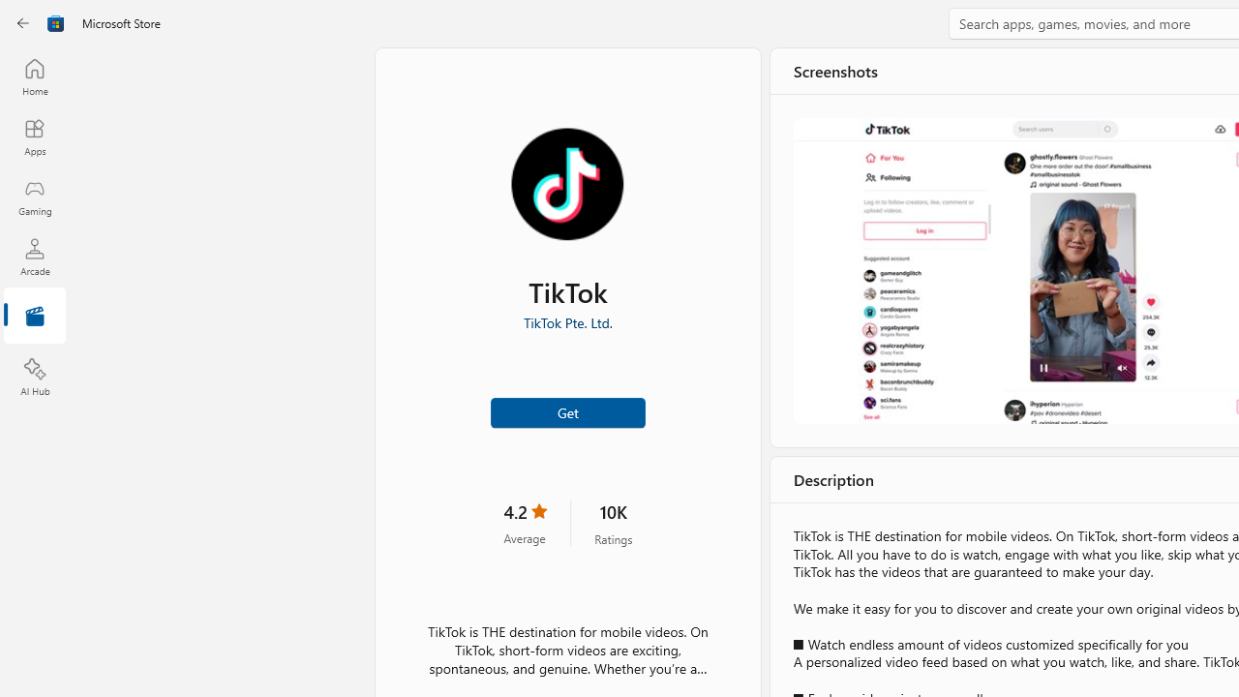 Image resolution: width=1239 pixels, height=697 pixels. I want to click on 'Apps', so click(34, 136).